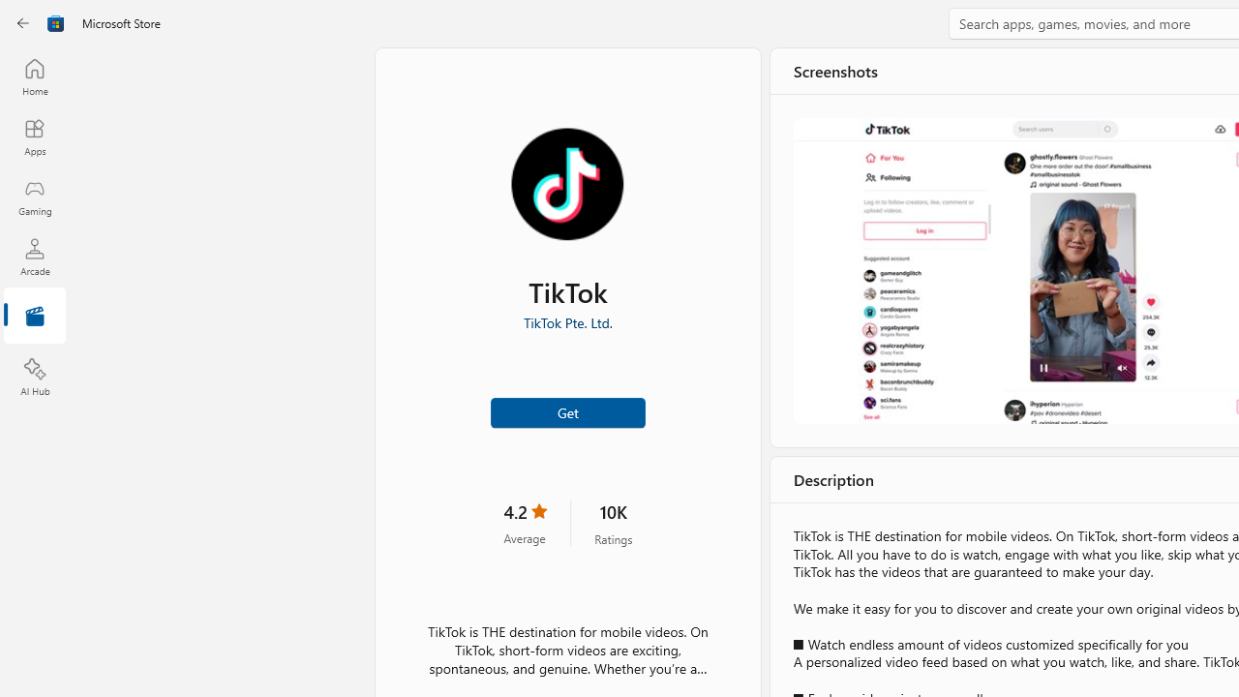 Image resolution: width=1239 pixels, height=697 pixels. I want to click on 'Apps', so click(34, 136).